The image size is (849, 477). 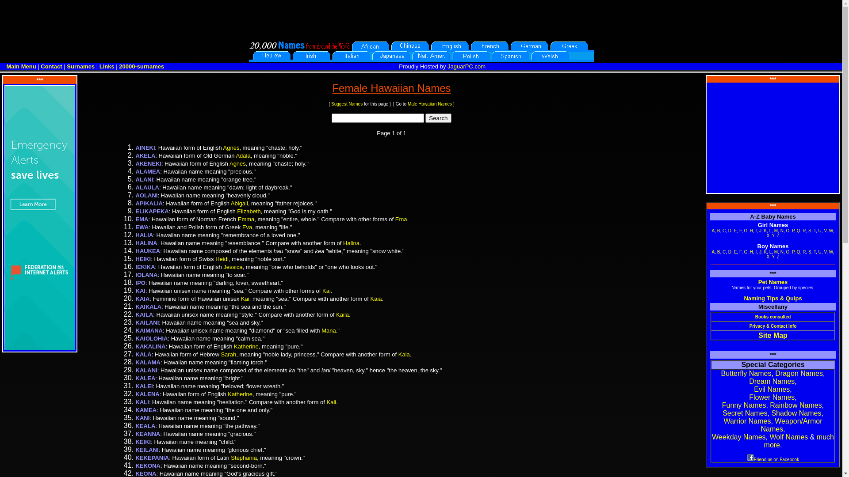 I want to click on 'Advertisement', so click(x=772, y=138).